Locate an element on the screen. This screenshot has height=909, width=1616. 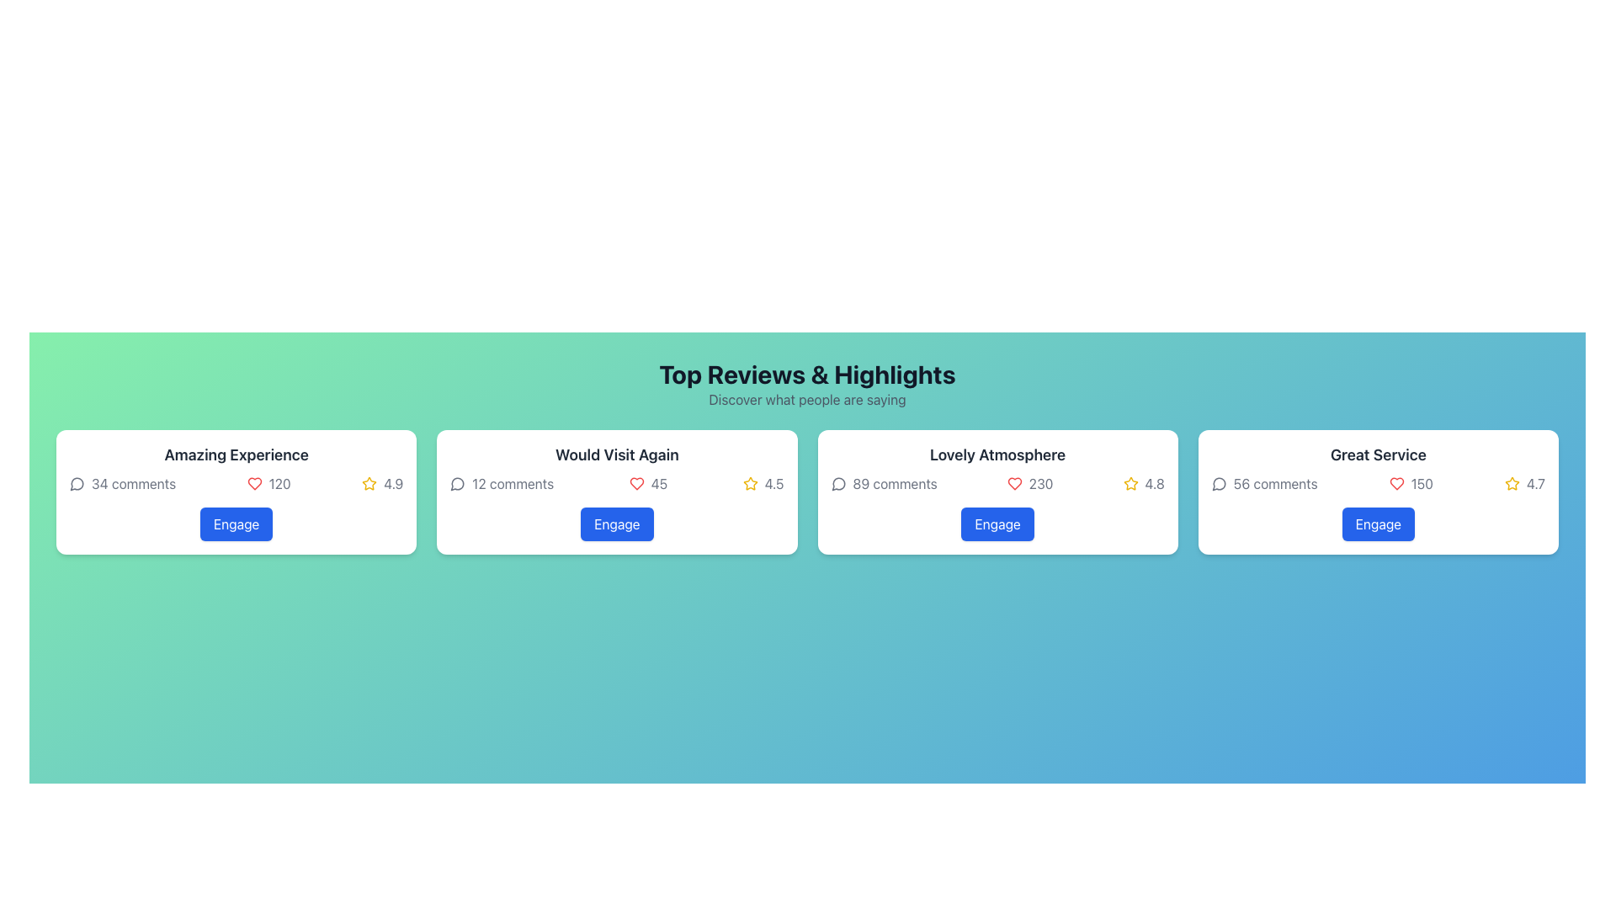
the Rating Display element located in the bottom-right section of the card under the 'Great Service' heading, which is the third component after the text '150' with a heart icon is located at coordinates (1524, 483).